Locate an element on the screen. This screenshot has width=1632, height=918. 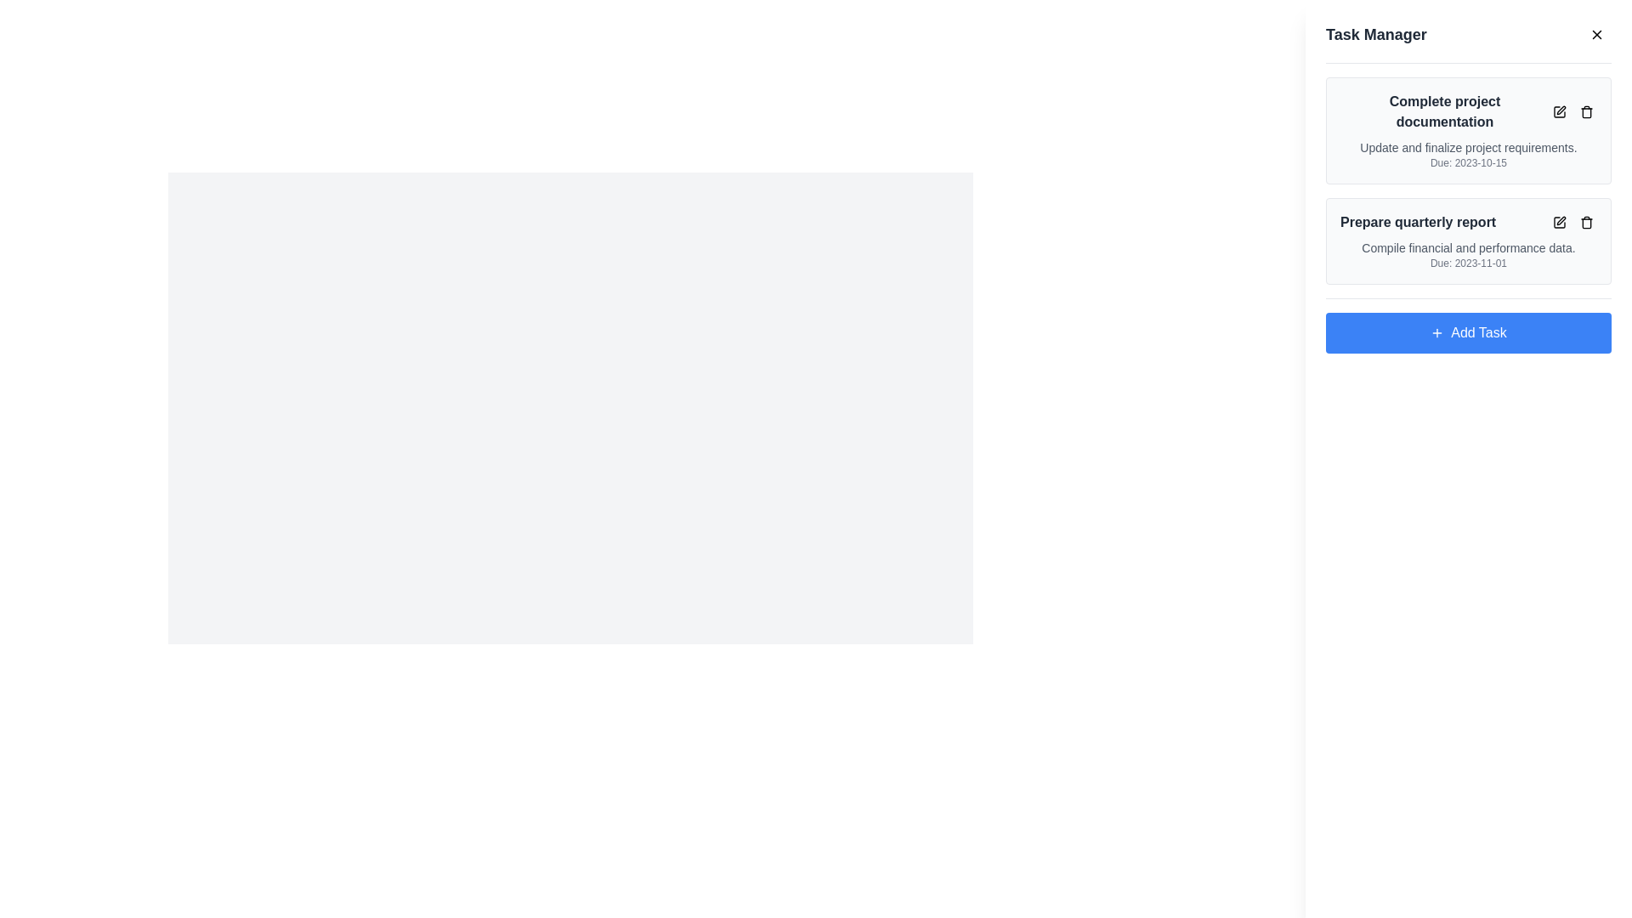
the Edit icon (SVG graphic inside a button) next to the title 'Complete project documentation' is located at coordinates (1559, 111).